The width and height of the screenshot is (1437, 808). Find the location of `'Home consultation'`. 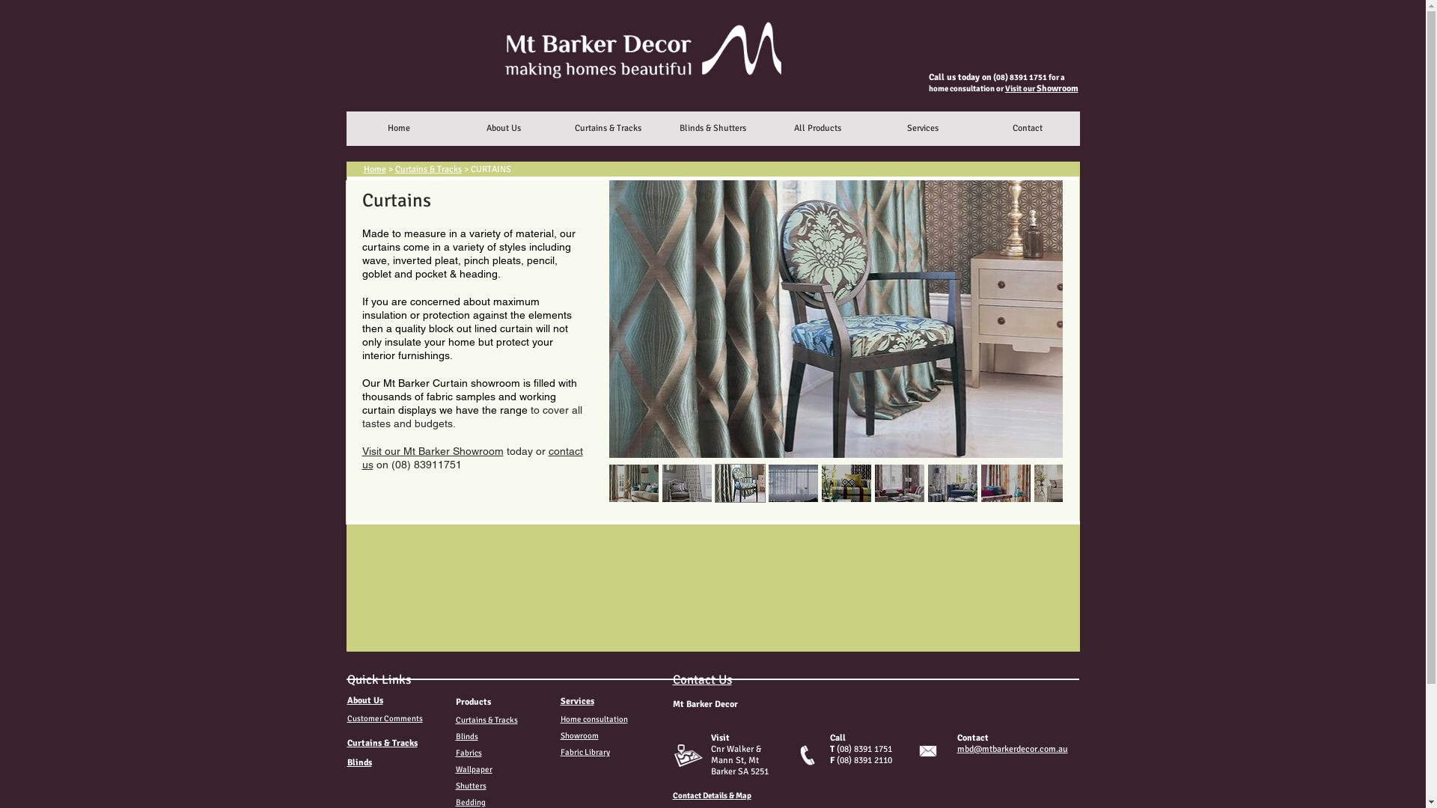

'Home consultation' is located at coordinates (592, 718).